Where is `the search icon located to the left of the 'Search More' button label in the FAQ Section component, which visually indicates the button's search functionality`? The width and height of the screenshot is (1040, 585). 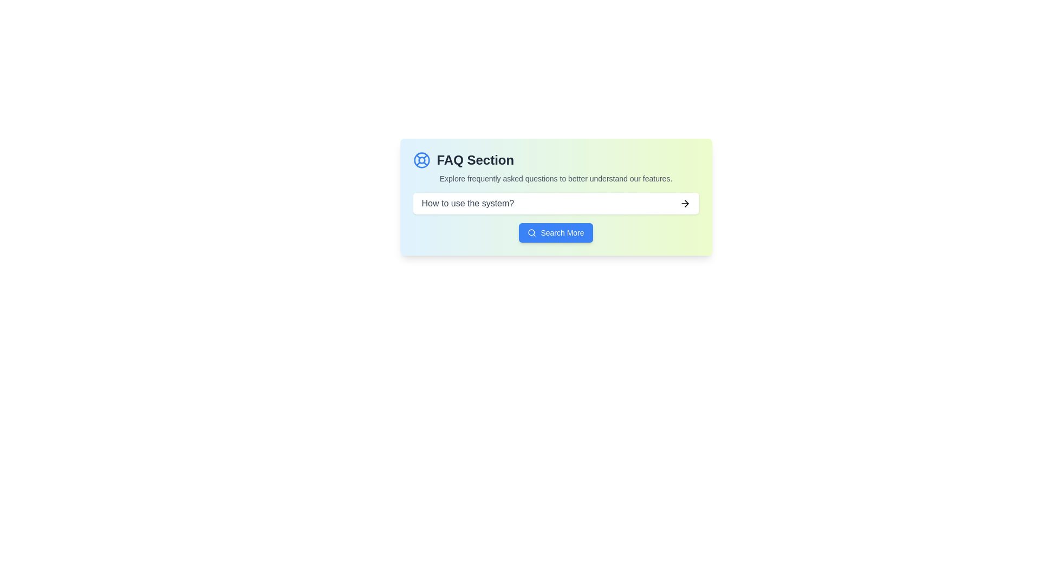
the search icon located to the left of the 'Search More' button label in the FAQ Section component, which visually indicates the button's search functionality is located at coordinates (532, 232).